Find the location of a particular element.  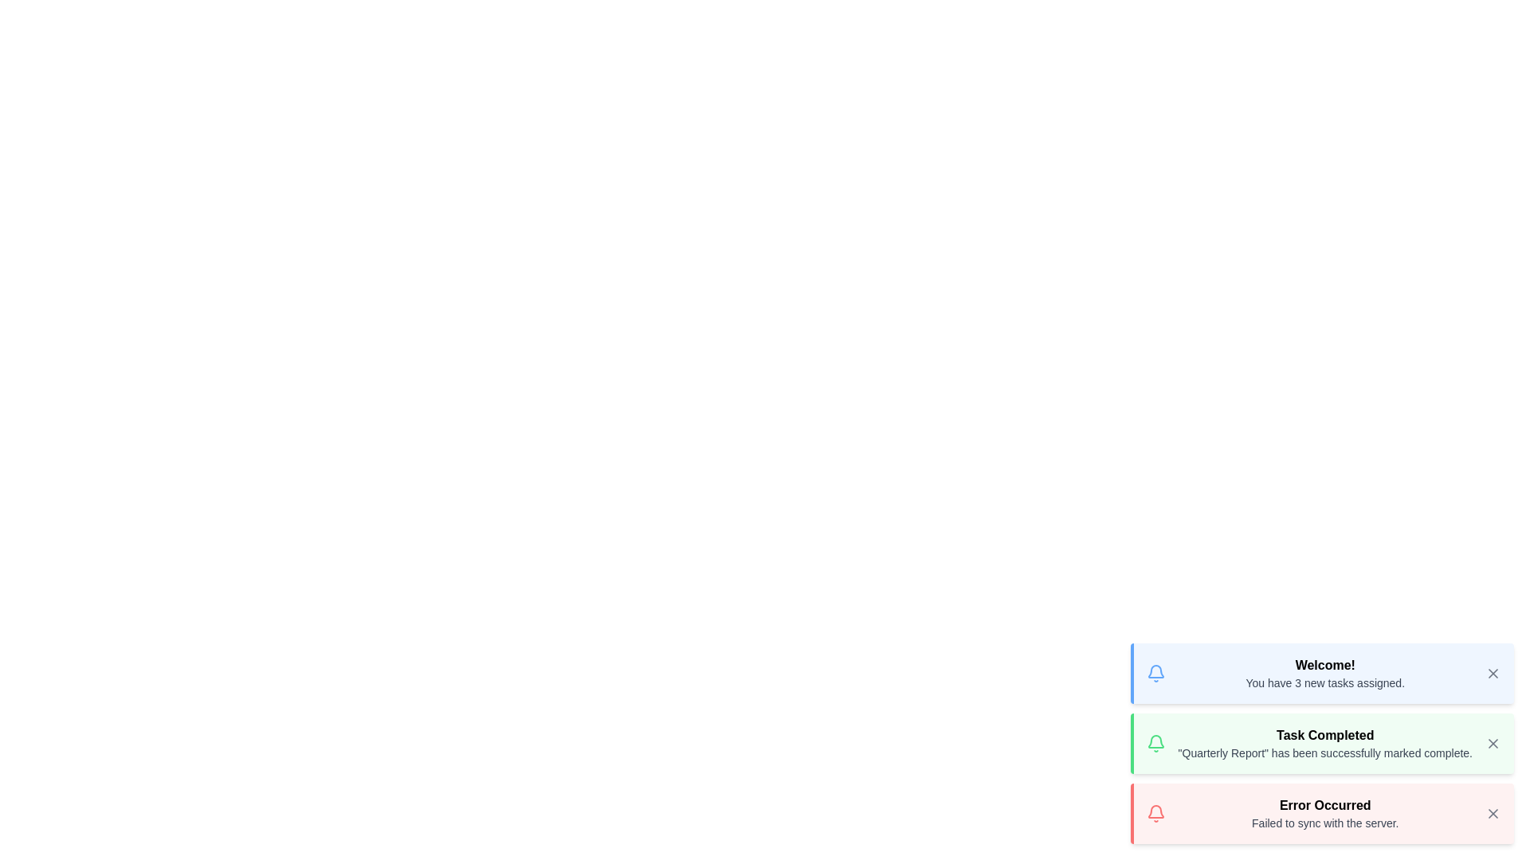

the button-like SVG element in the top-right corner of the notification card with a green background and the text 'Task Completed' is located at coordinates (1492, 743).